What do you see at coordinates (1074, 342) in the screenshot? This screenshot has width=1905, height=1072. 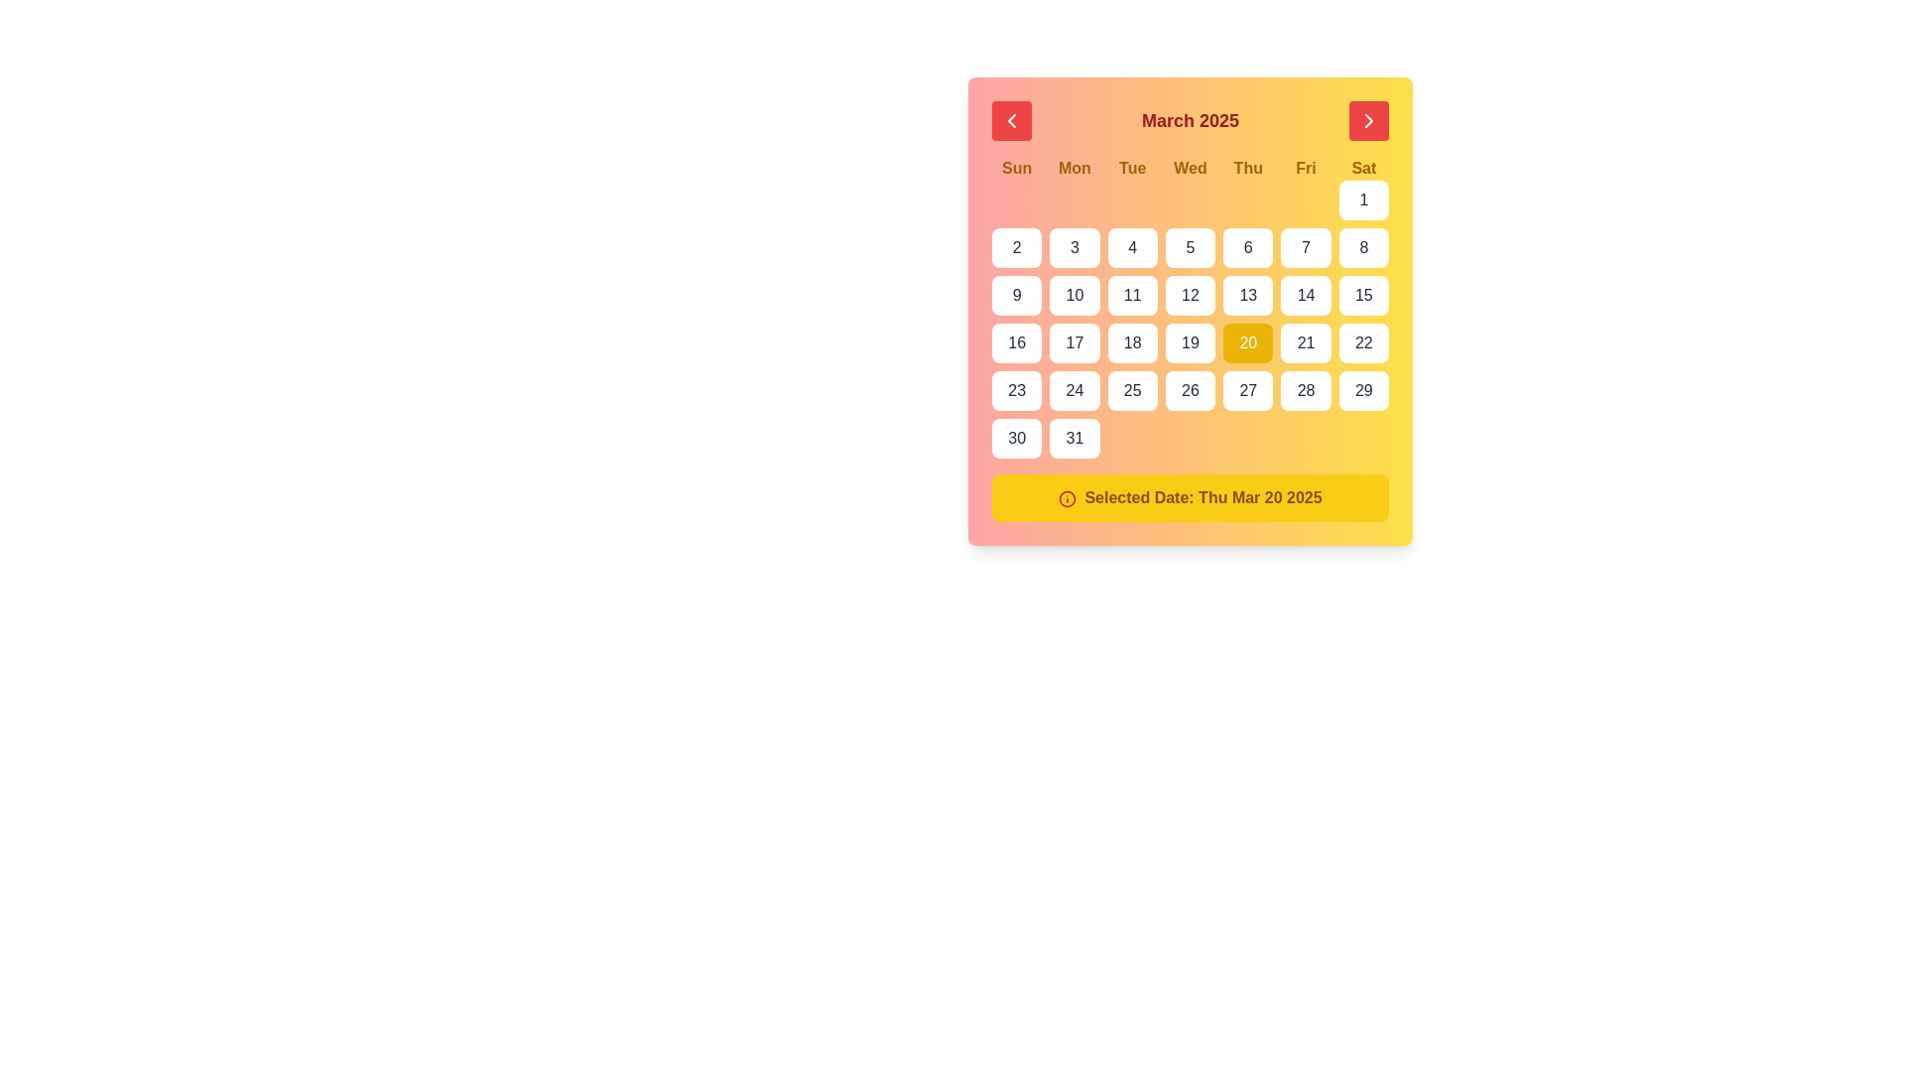 I see `the square interactive button with a white background and the number '17' in bold gray text` at bounding box center [1074, 342].